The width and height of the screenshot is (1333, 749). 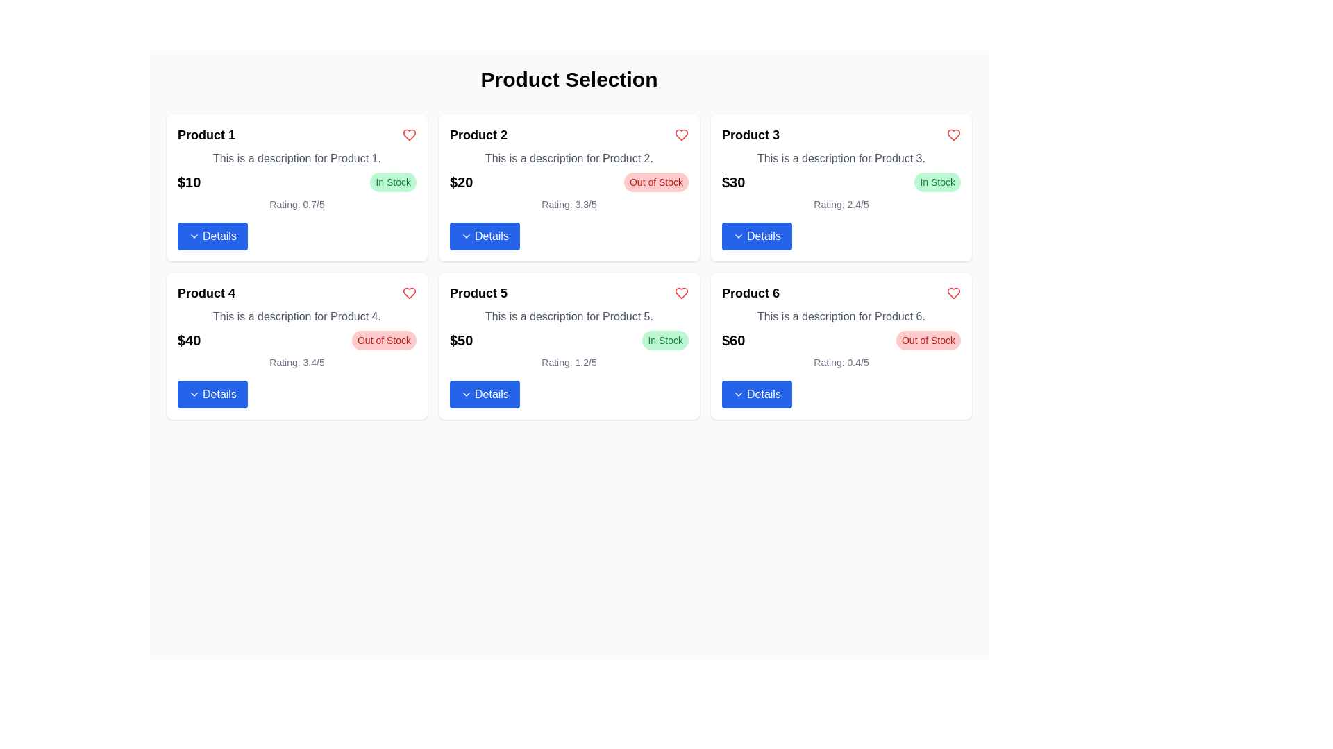 I want to click on the Text Label that provides a description for Product 3, located in the third card of the second row, beneath the header 'Product 3', so click(x=840, y=157).